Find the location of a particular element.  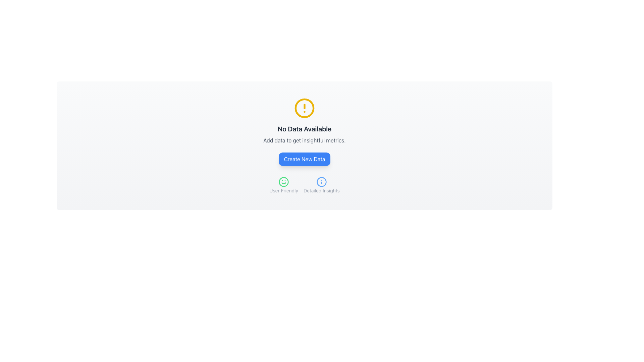

the icon representing 'Detailed Insights', which is located directly above the text 'Detailed Insights' and to the right of the 'User Friendly' icon is located at coordinates (321, 182).